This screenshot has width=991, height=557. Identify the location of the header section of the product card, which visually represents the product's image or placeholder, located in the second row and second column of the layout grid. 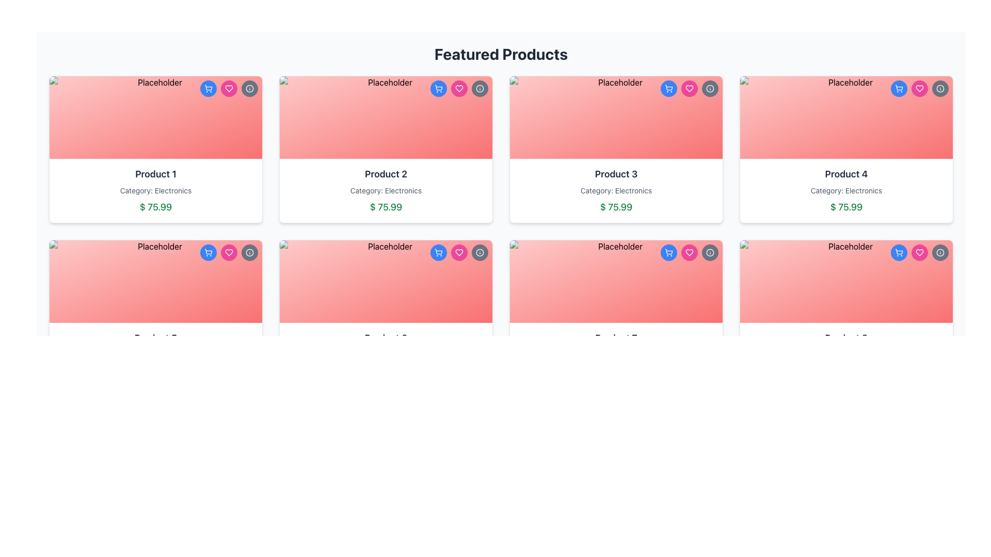
(386, 282).